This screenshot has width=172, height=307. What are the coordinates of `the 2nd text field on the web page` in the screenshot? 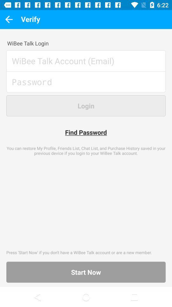 It's located at (86, 84).